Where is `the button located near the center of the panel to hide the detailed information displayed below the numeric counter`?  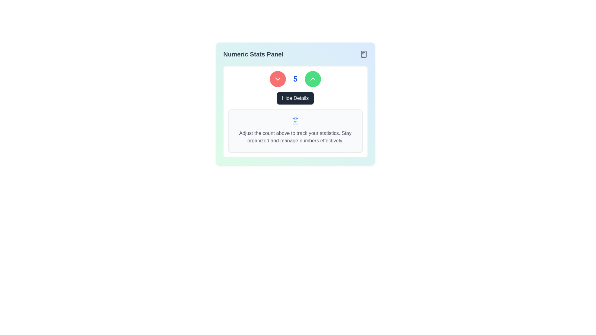 the button located near the center of the panel to hide the detailed information displayed below the numeric counter is located at coordinates (295, 98).